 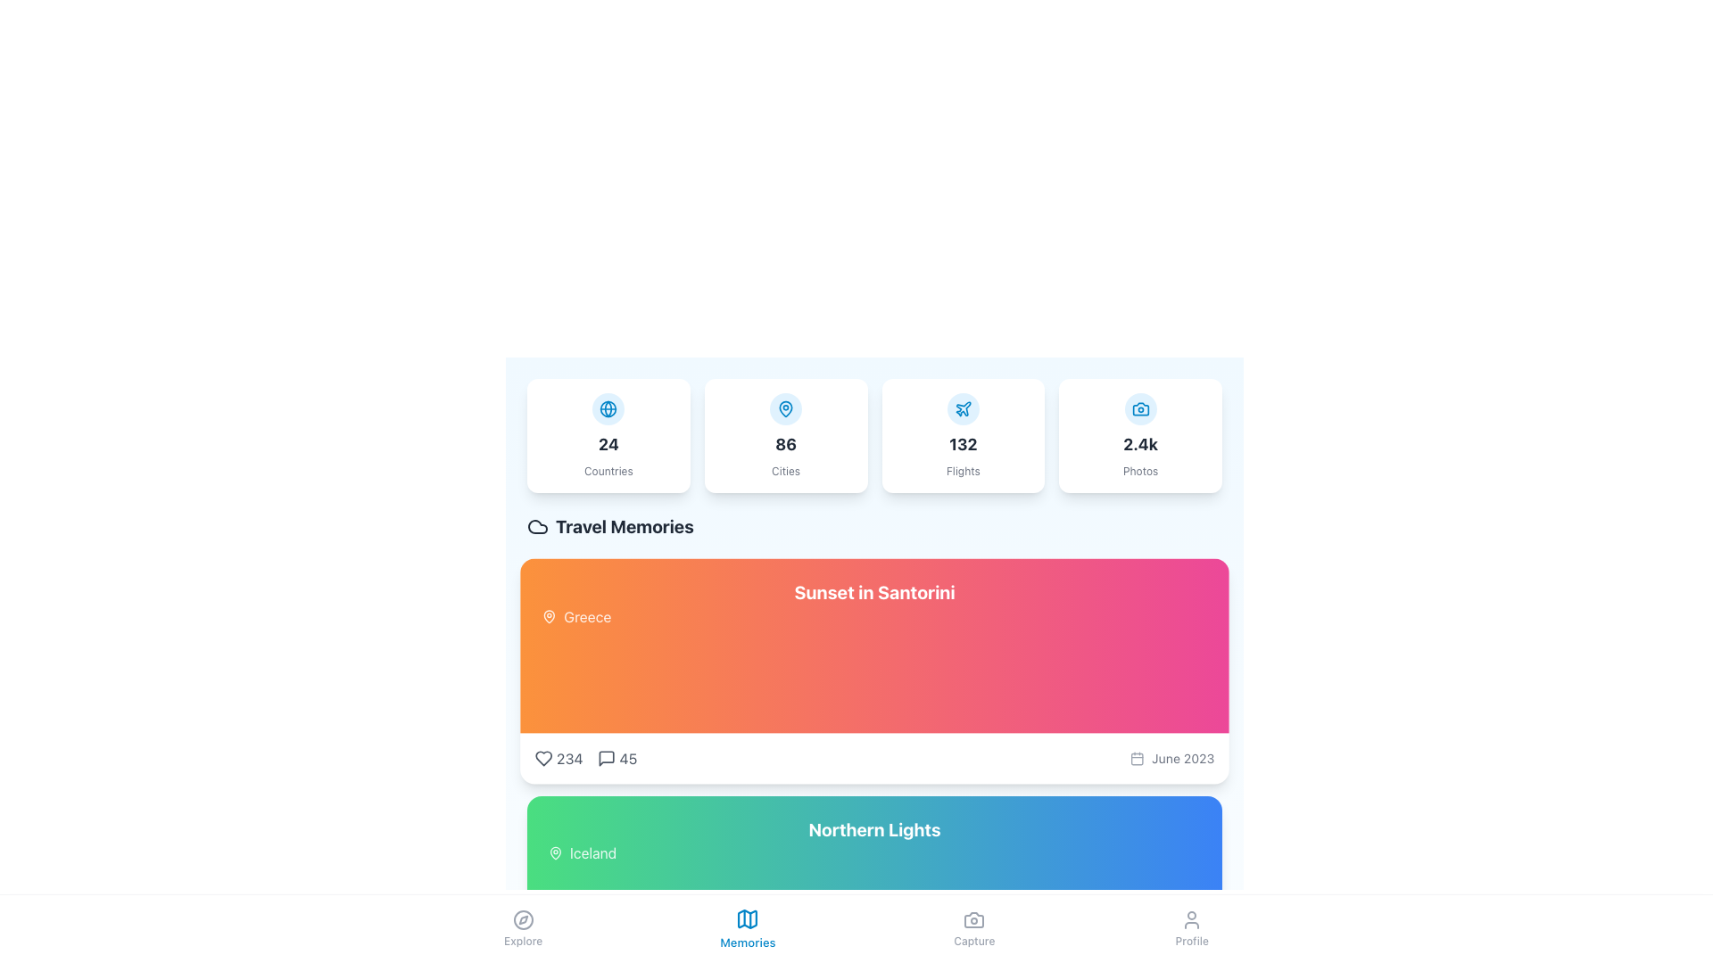 What do you see at coordinates (608, 409) in the screenshot?
I see `the globe icon representing the 'Countries' statistic` at bounding box center [608, 409].